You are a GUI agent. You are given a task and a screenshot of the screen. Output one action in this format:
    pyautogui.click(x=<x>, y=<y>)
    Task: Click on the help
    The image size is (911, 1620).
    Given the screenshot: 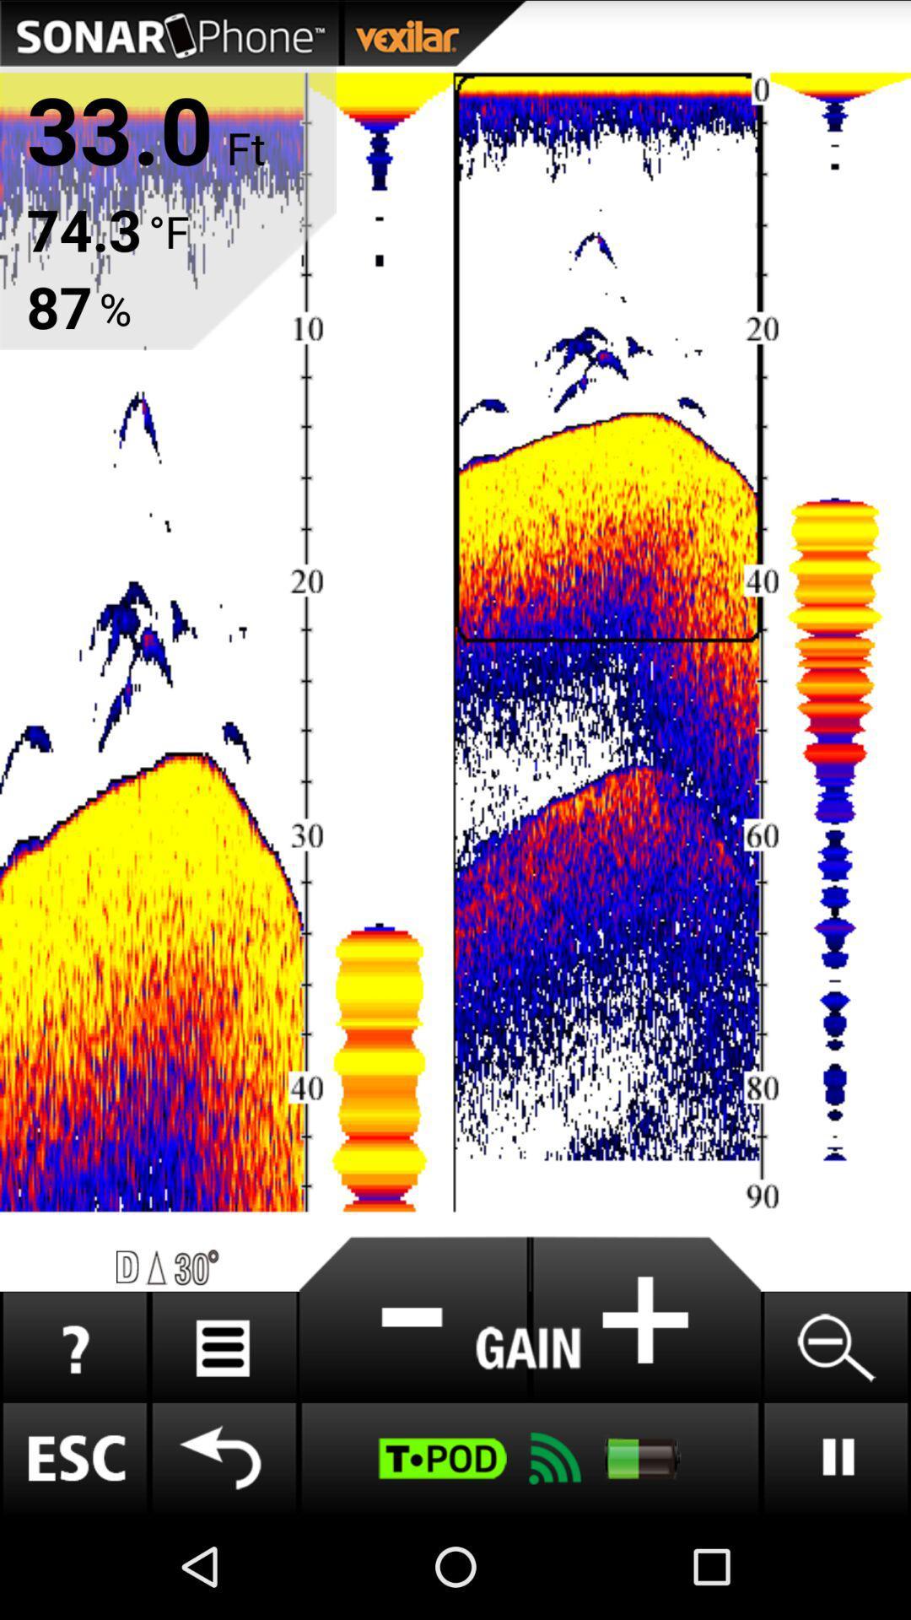 What is the action you would take?
    pyautogui.click(x=73, y=1347)
    